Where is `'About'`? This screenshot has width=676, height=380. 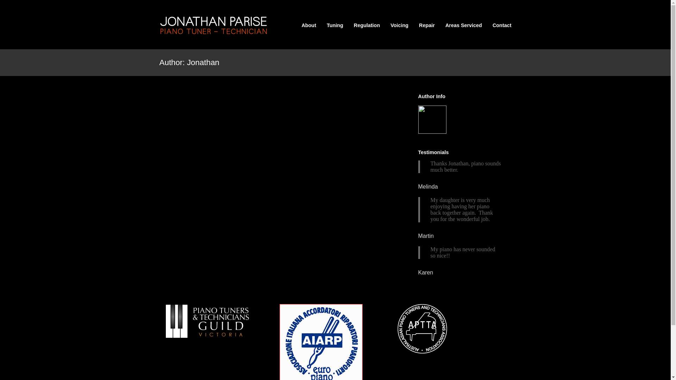
'About' is located at coordinates (309, 25).